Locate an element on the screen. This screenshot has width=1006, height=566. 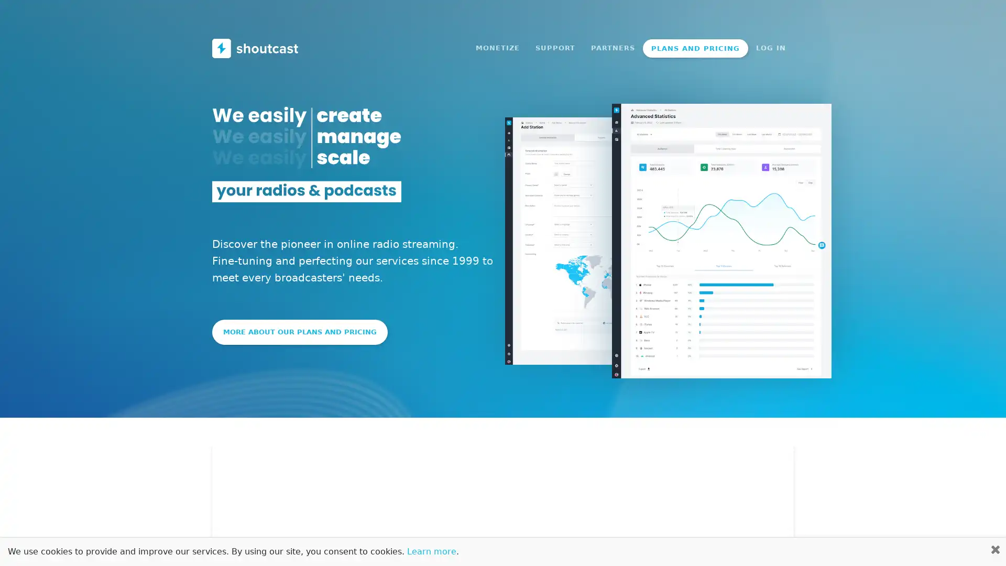
Close is located at coordinates (988, 14).